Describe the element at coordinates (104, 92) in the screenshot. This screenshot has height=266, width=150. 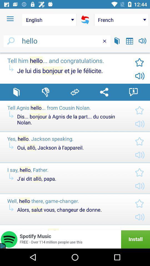
I see `share translation` at that location.